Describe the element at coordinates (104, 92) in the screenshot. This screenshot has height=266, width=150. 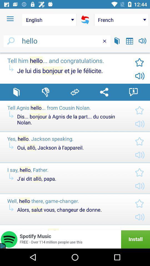
I see `share translation` at that location.